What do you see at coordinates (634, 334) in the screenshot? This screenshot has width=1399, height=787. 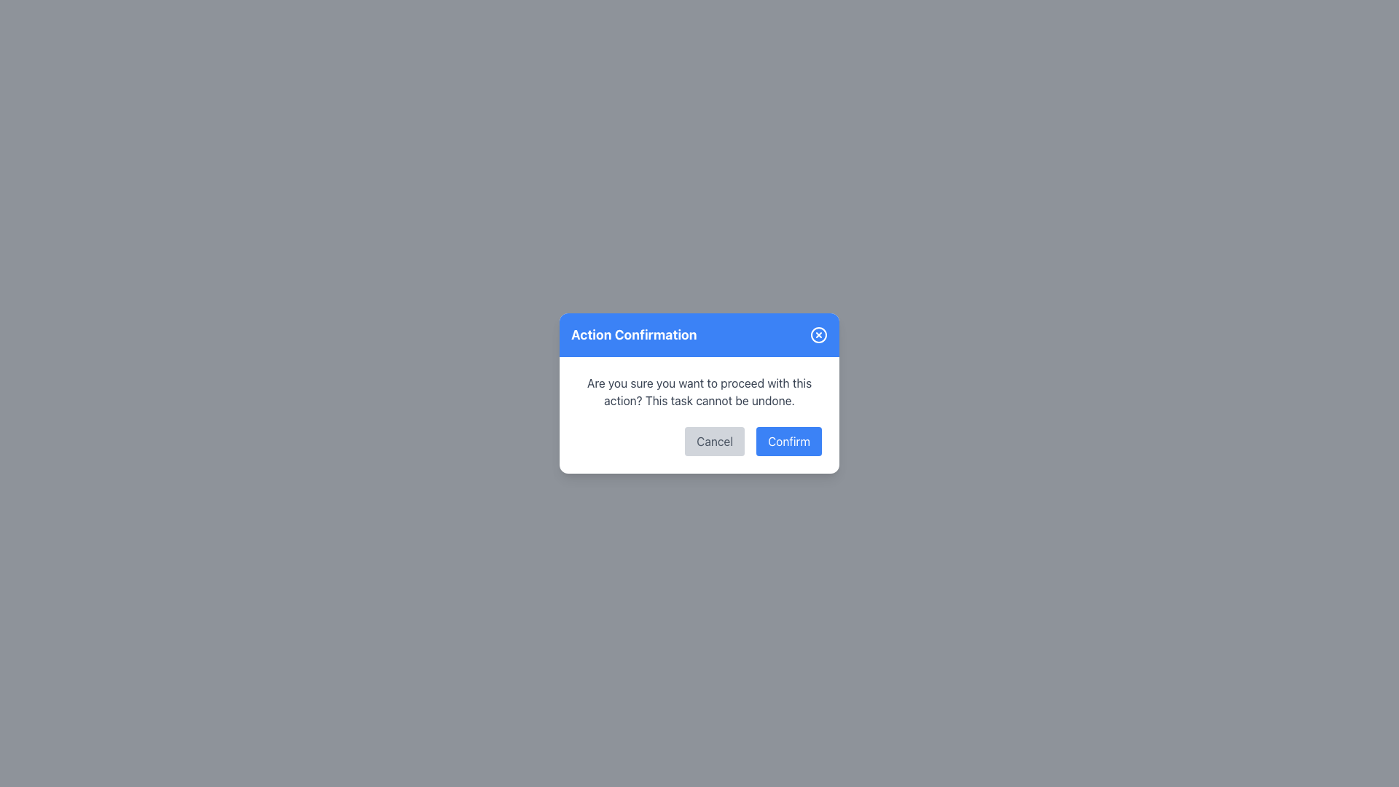 I see `the text label that serves as the heading for the modal dialog, located at the top center of the modal, indicating the purpose of the dialog` at bounding box center [634, 334].